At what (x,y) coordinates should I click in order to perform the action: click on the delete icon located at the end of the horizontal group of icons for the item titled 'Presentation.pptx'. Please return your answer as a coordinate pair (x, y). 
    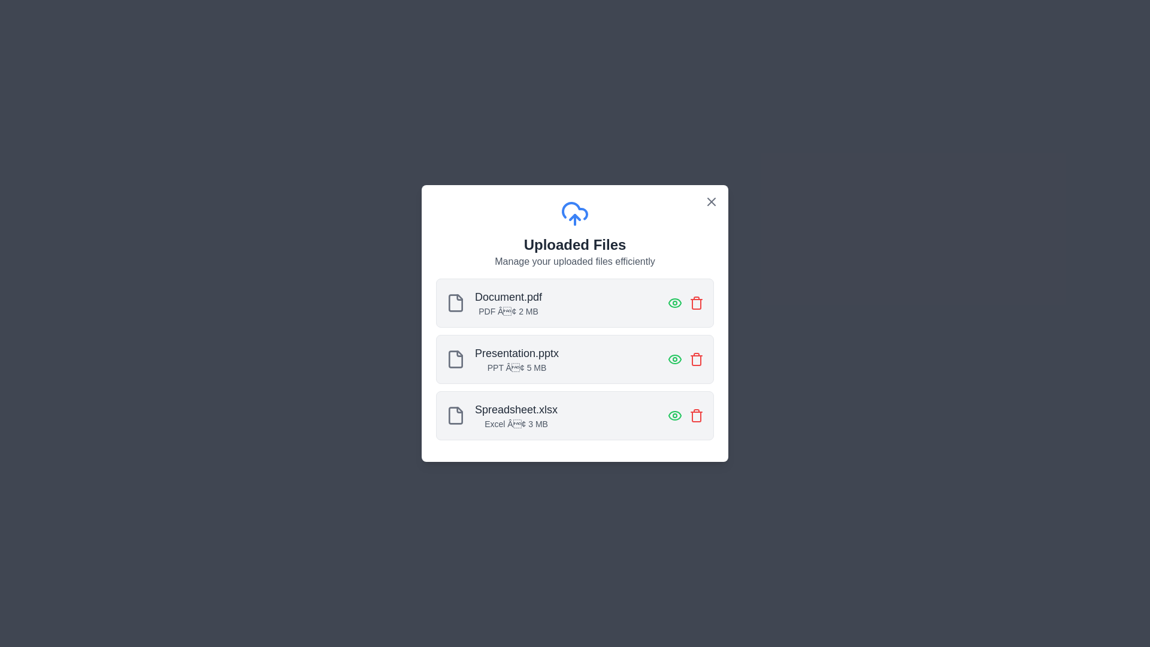
    Looking at the image, I should click on (696, 359).